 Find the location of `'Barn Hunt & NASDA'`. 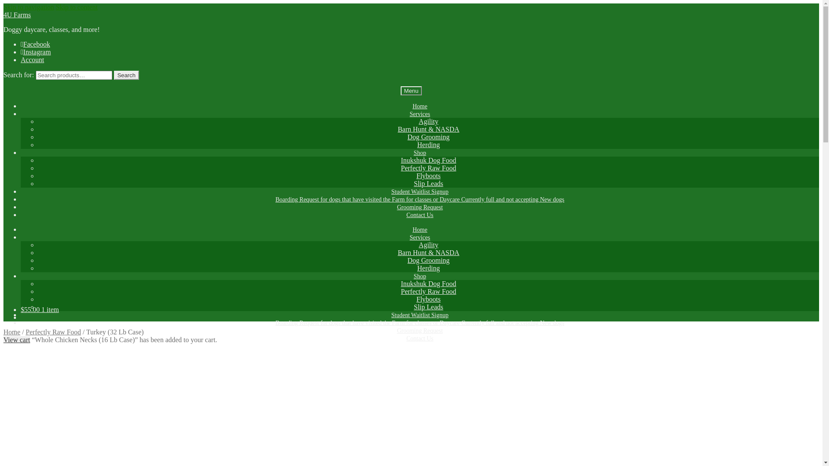

'Barn Hunt & NASDA' is located at coordinates (428, 252).